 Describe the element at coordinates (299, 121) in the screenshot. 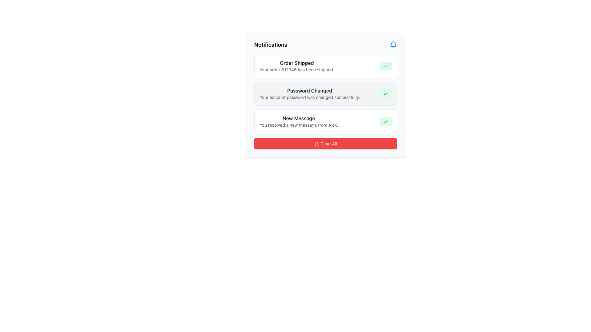

I see `the text notification element displaying 'New Message' which indicates a new message from Alex` at that location.